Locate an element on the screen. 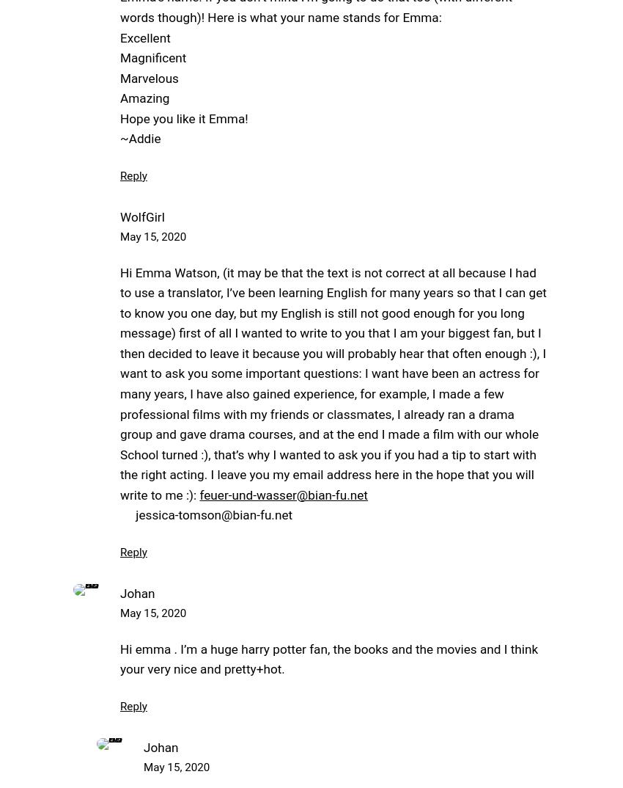 The width and height of the screenshot is (623, 788). 'jessica-tomson@bian-fu.net' is located at coordinates (205, 514).